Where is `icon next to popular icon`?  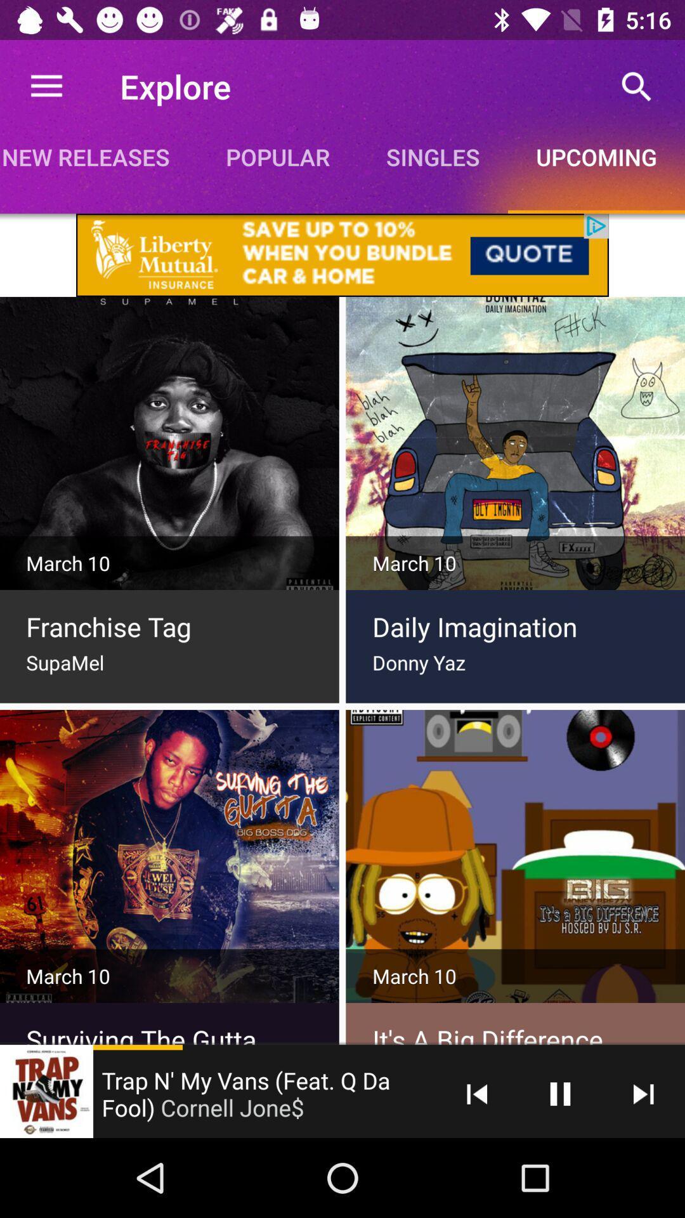
icon next to popular icon is located at coordinates (98, 156).